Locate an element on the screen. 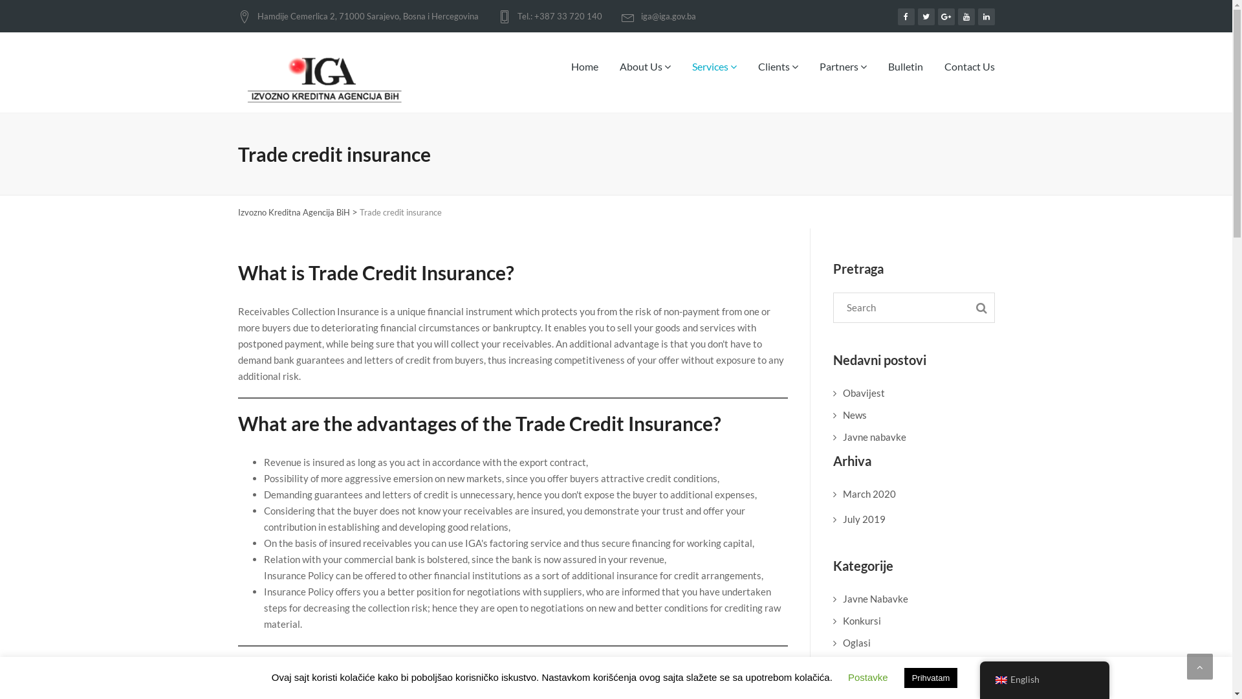 Image resolution: width=1242 pixels, height=699 pixels. 'About Us' is located at coordinates (644, 76).